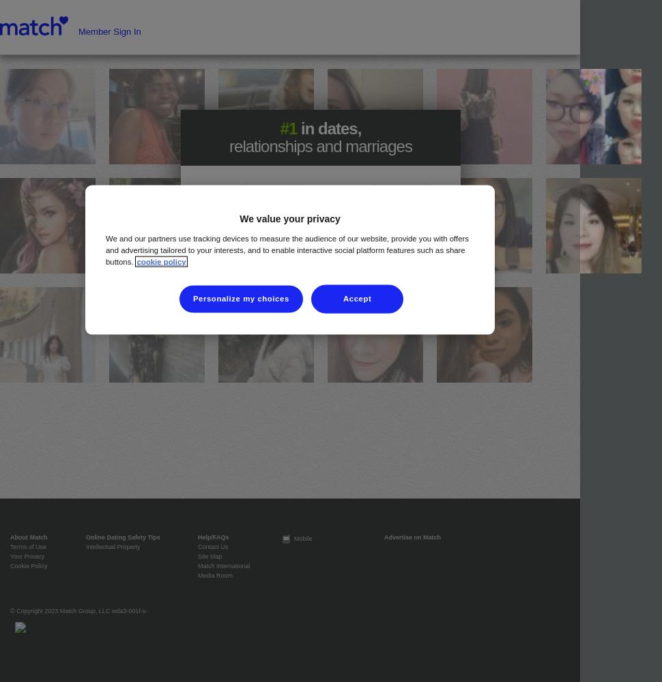 This screenshot has width=662, height=682. I want to click on 'Advertise on Match', so click(412, 537).